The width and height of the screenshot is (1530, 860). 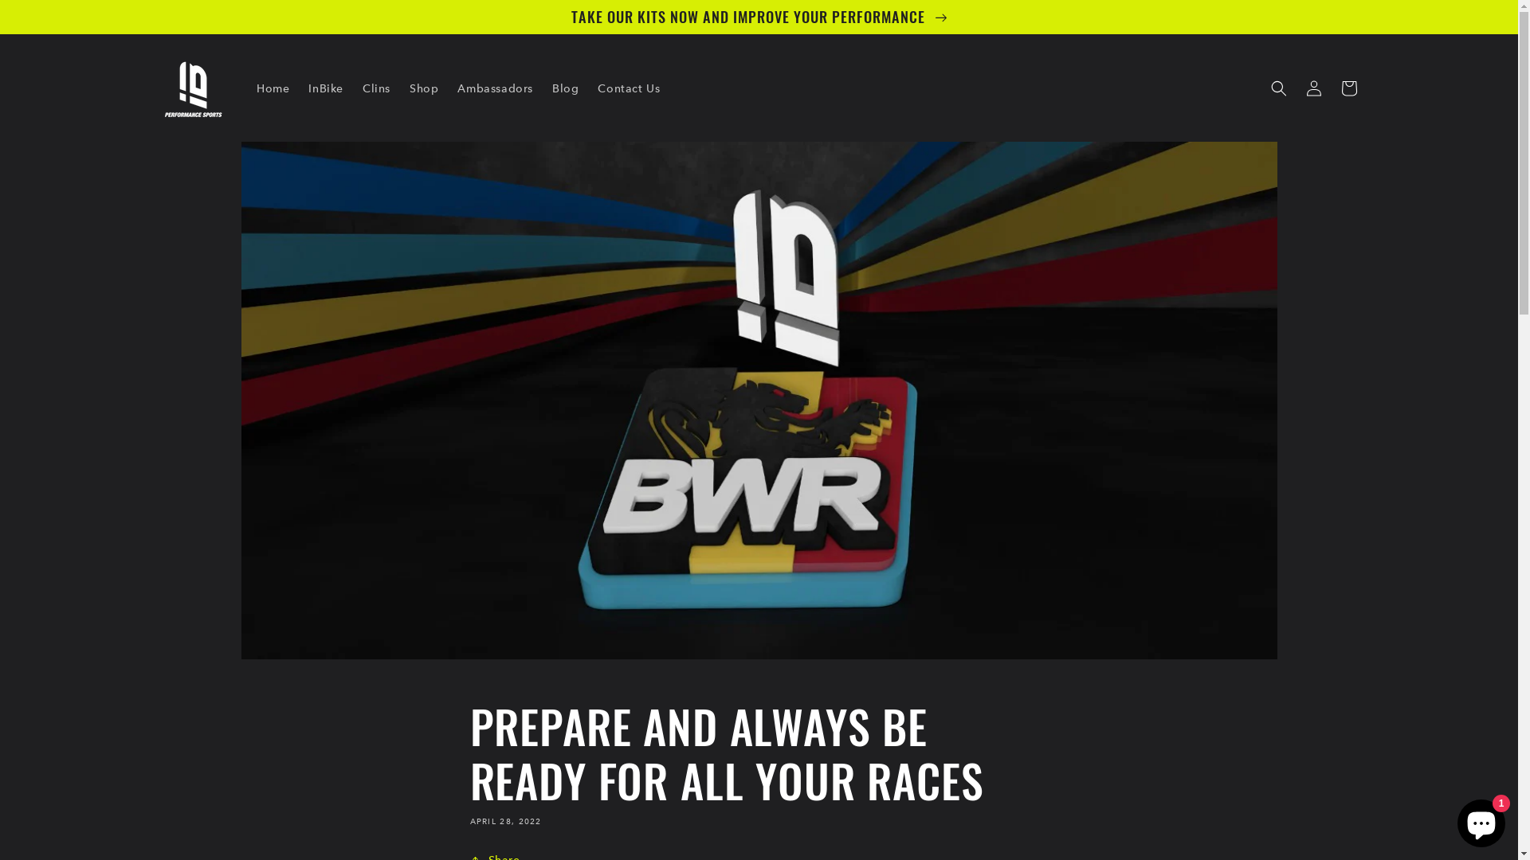 I want to click on 'Contact Us', so click(x=627, y=88).